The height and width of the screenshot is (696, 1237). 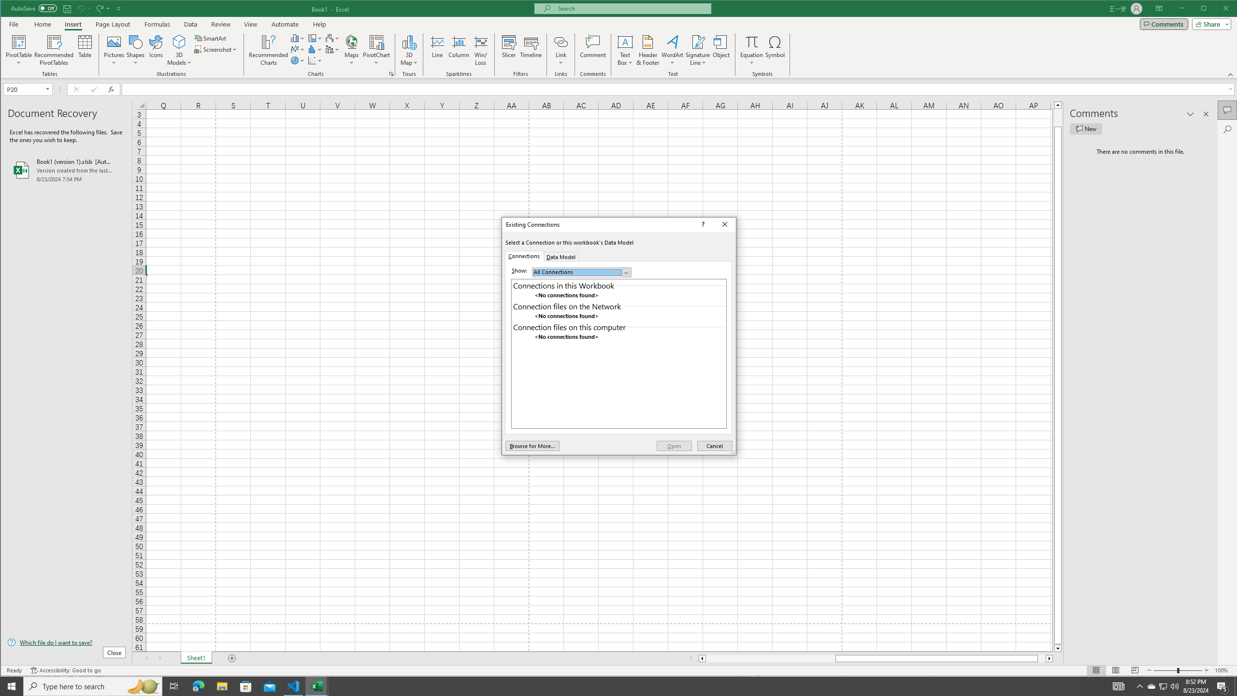 What do you see at coordinates (332, 49) in the screenshot?
I see `'Insert Combo Chart'` at bounding box center [332, 49].